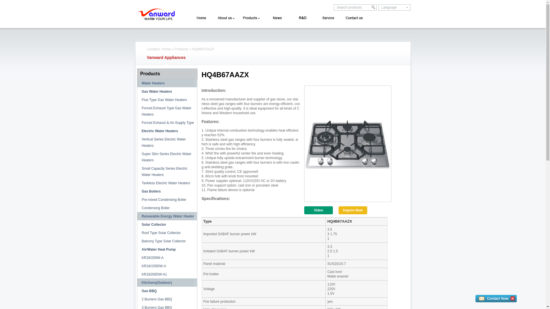  Describe the element at coordinates (167, 282) in the screenshot. I see `'Kitchens(Outdoor)'` at that location.